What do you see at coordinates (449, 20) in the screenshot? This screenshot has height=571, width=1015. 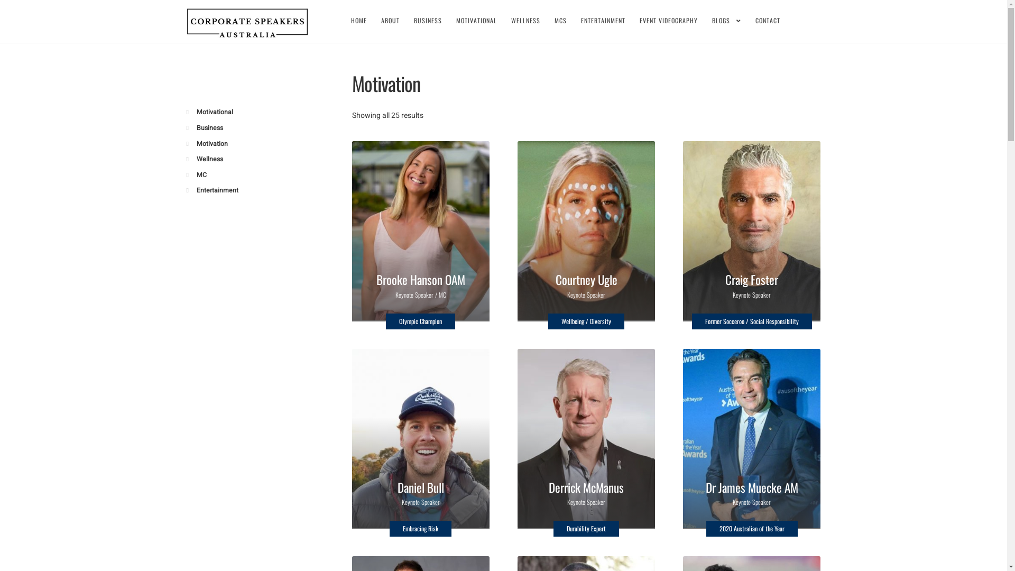 I see `'MOTIVATIONAL'` at bounding box center [449, 20].